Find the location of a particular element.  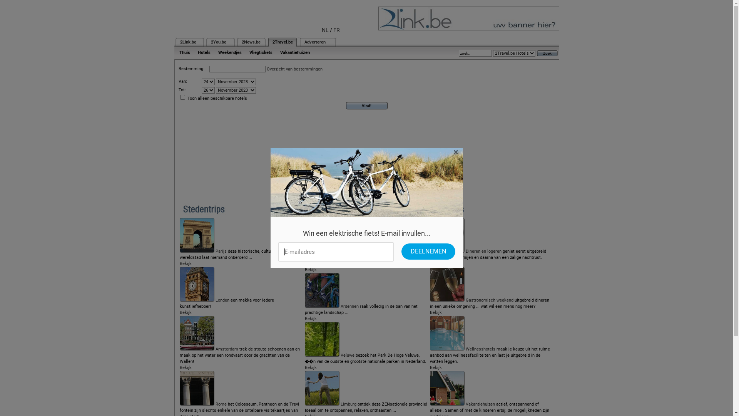

'Bekijk' is located at coordinates (436, 263).